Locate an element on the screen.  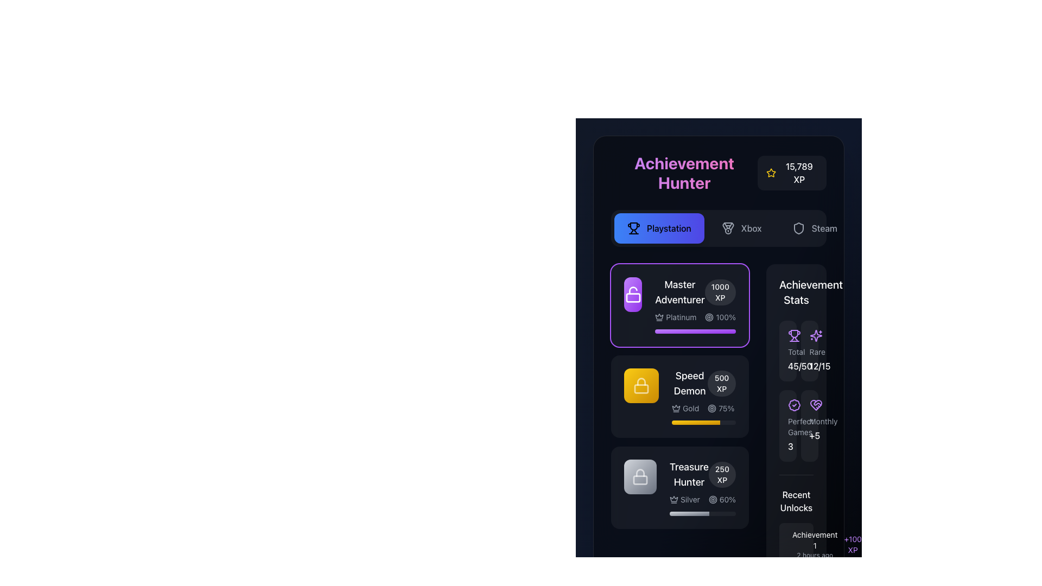
the central star-like SVG graphic icon in the Achievement Stats section, which is styled in purple and is the largest among its siblings is located at coordinates (816, 335).